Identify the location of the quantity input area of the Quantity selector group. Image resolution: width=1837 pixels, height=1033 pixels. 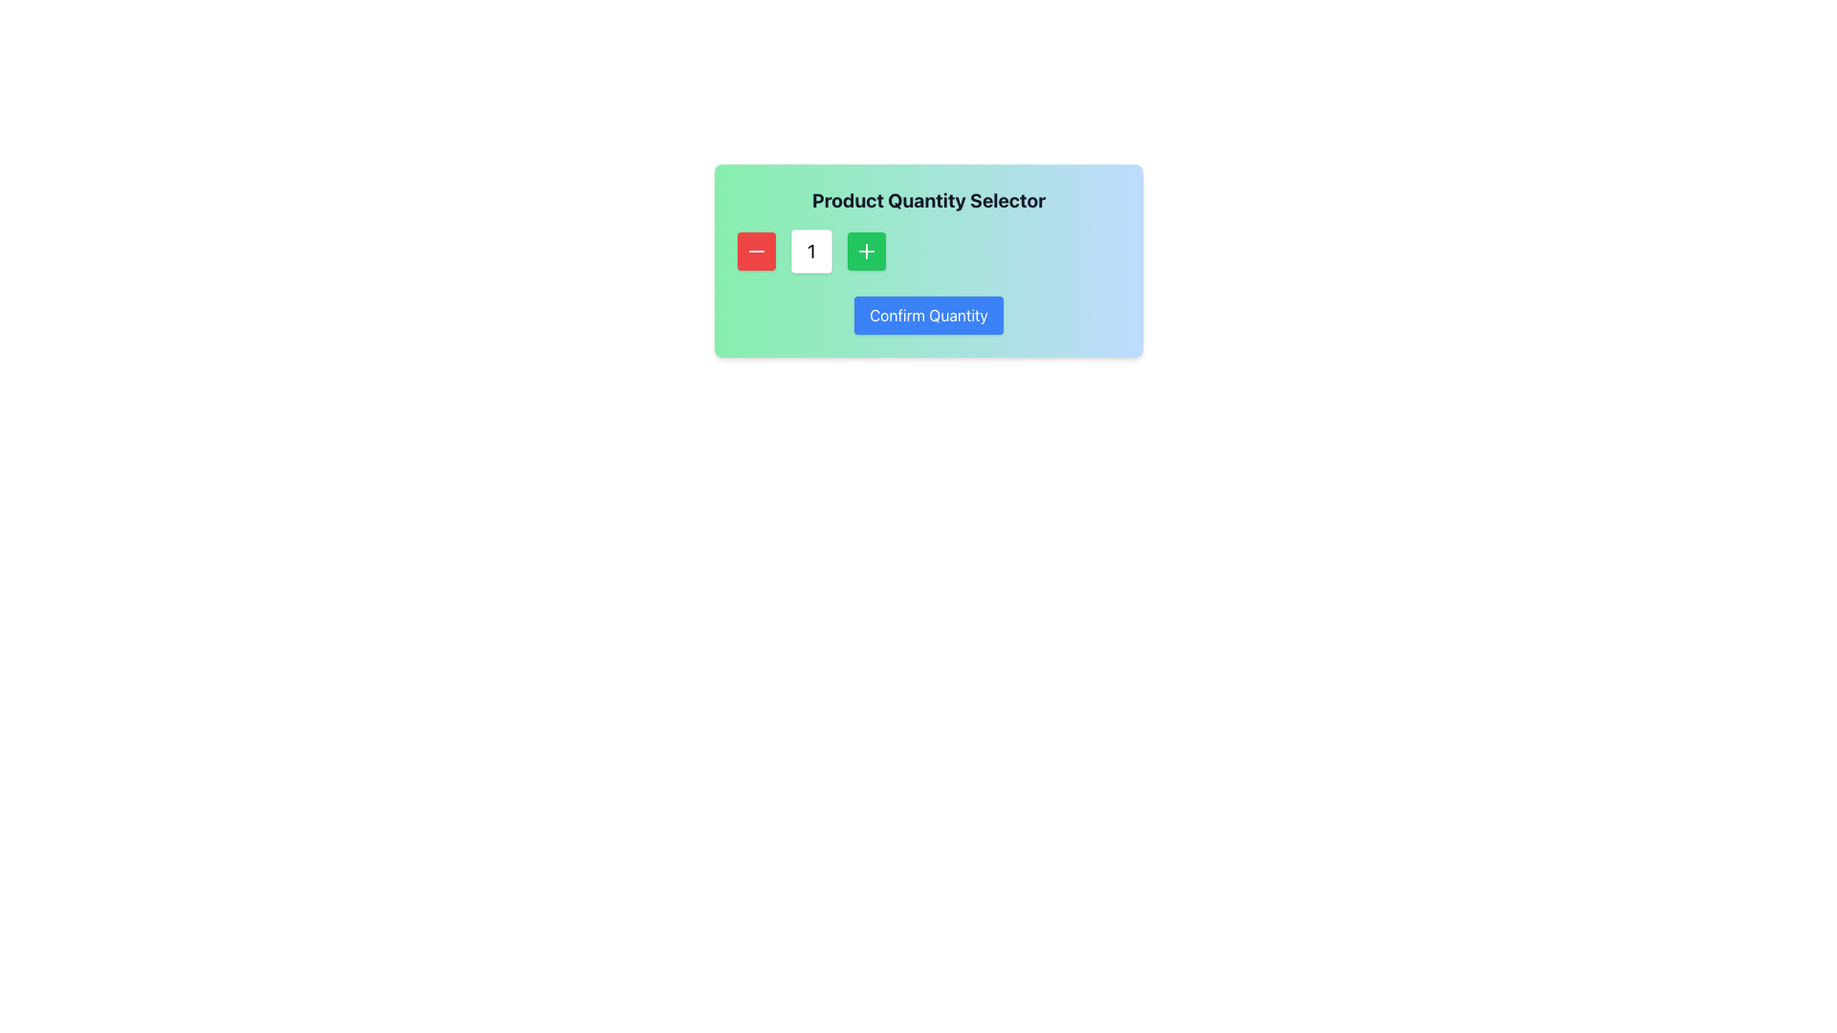
(928, 250).